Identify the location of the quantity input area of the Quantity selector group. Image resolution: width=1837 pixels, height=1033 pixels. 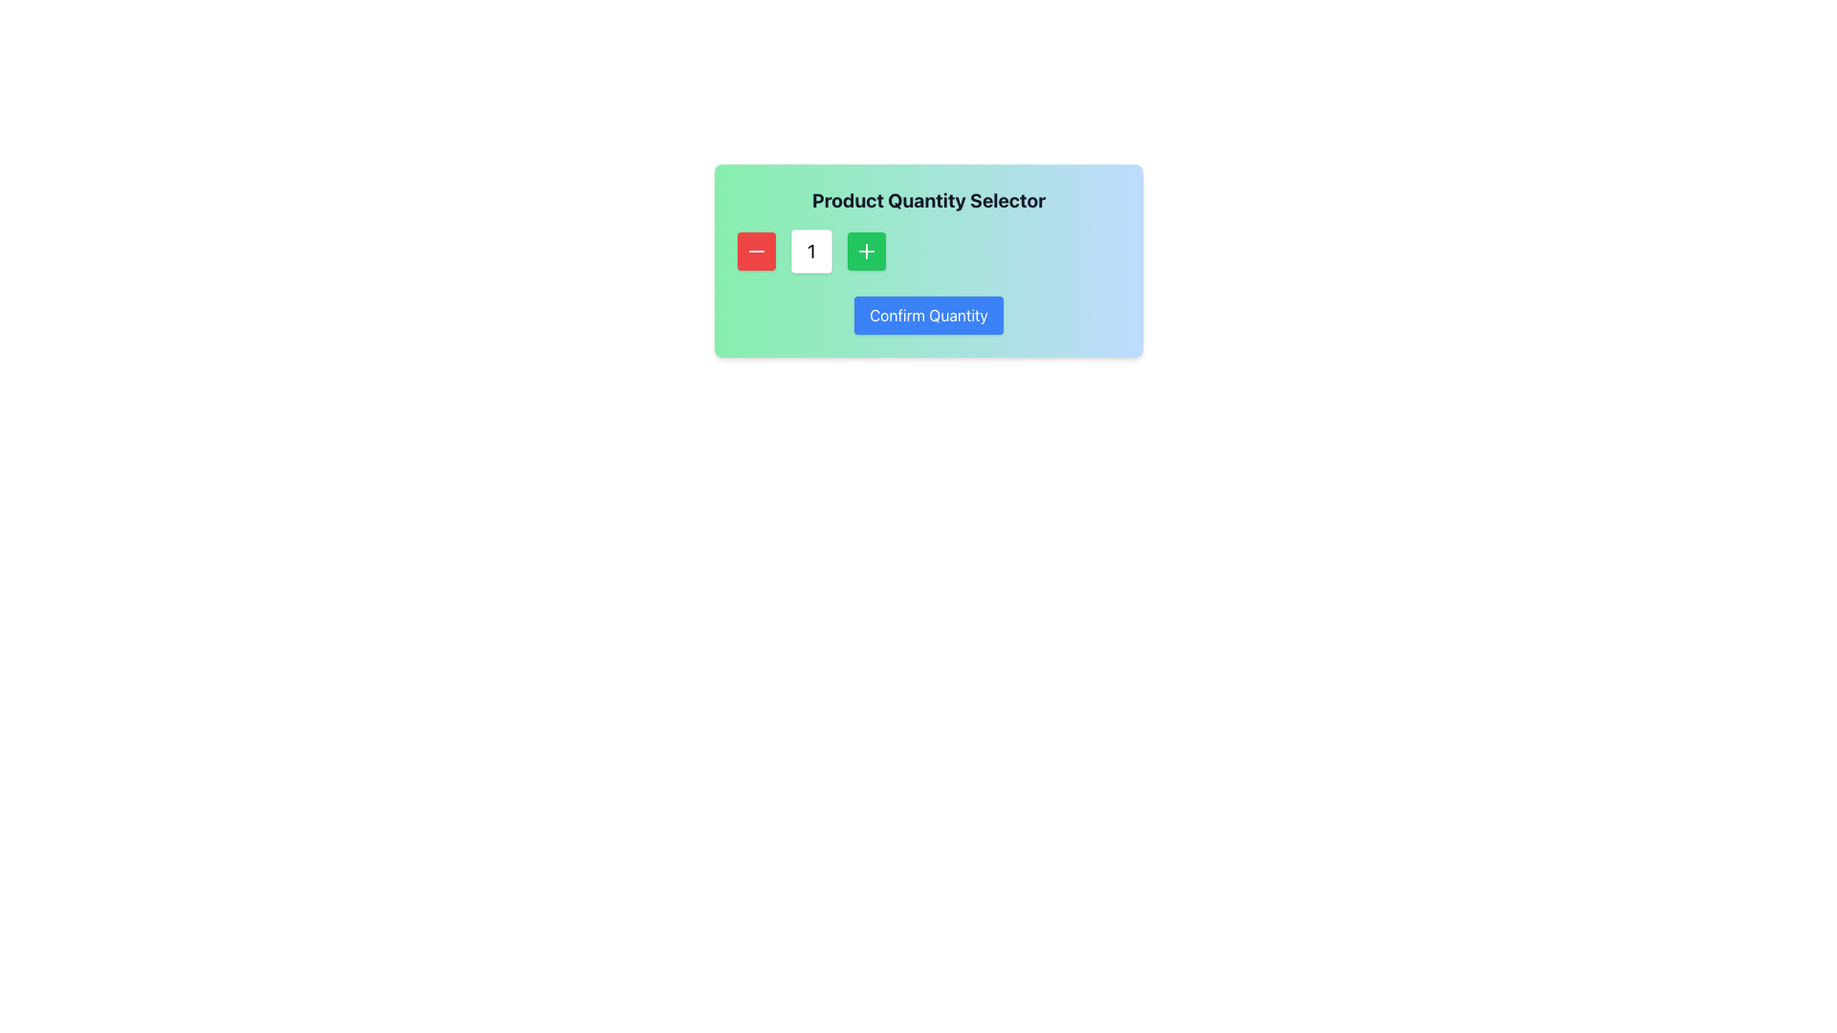
(928, 250).